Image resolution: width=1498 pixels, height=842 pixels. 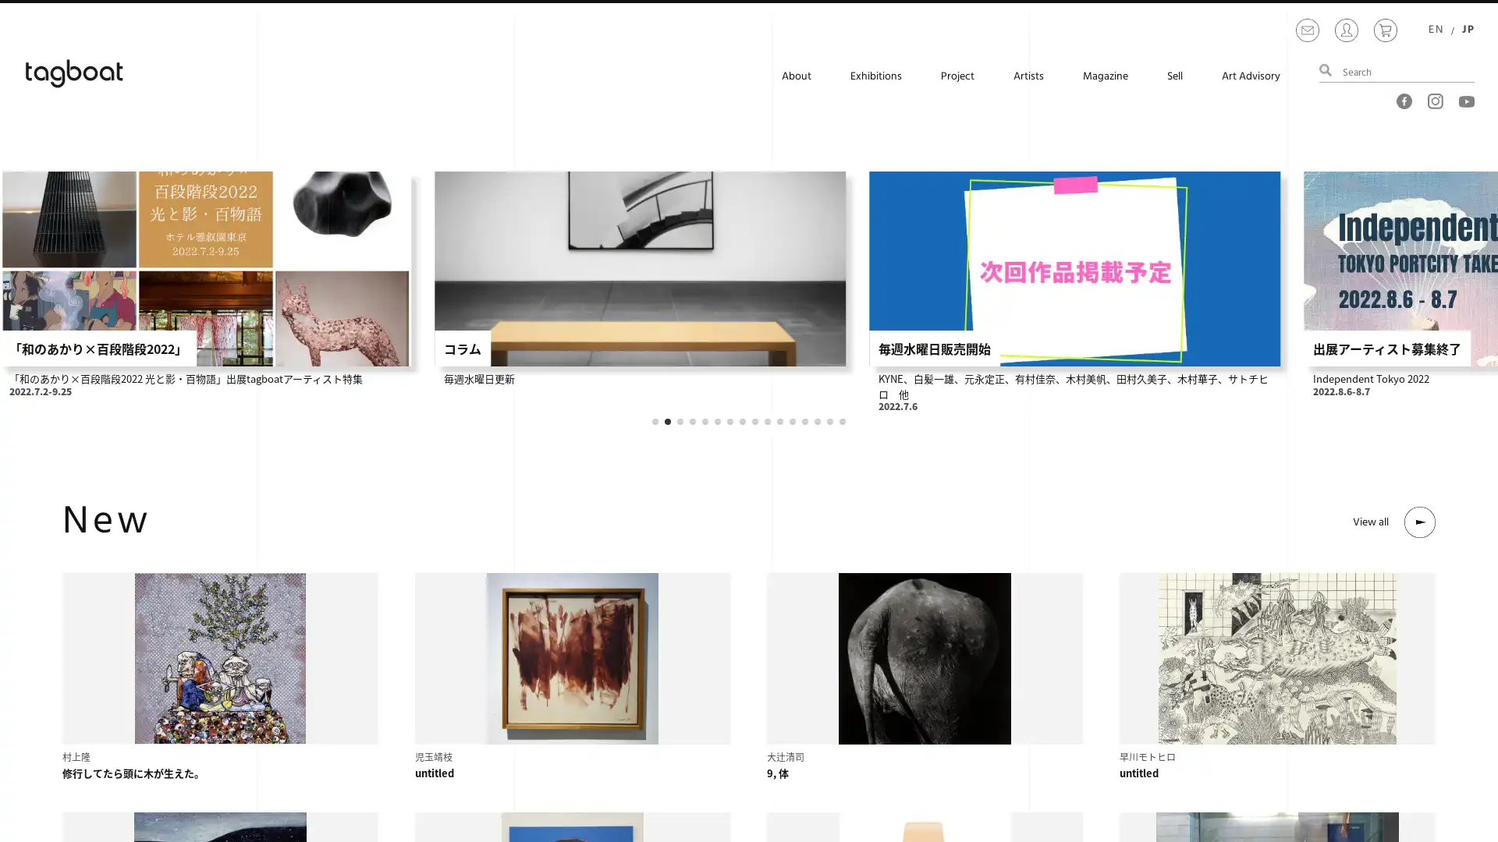 What do you see at coordinates (655, 421) in the screenshot?
I see `Go to slide 1` at bounding box center [655, 421].